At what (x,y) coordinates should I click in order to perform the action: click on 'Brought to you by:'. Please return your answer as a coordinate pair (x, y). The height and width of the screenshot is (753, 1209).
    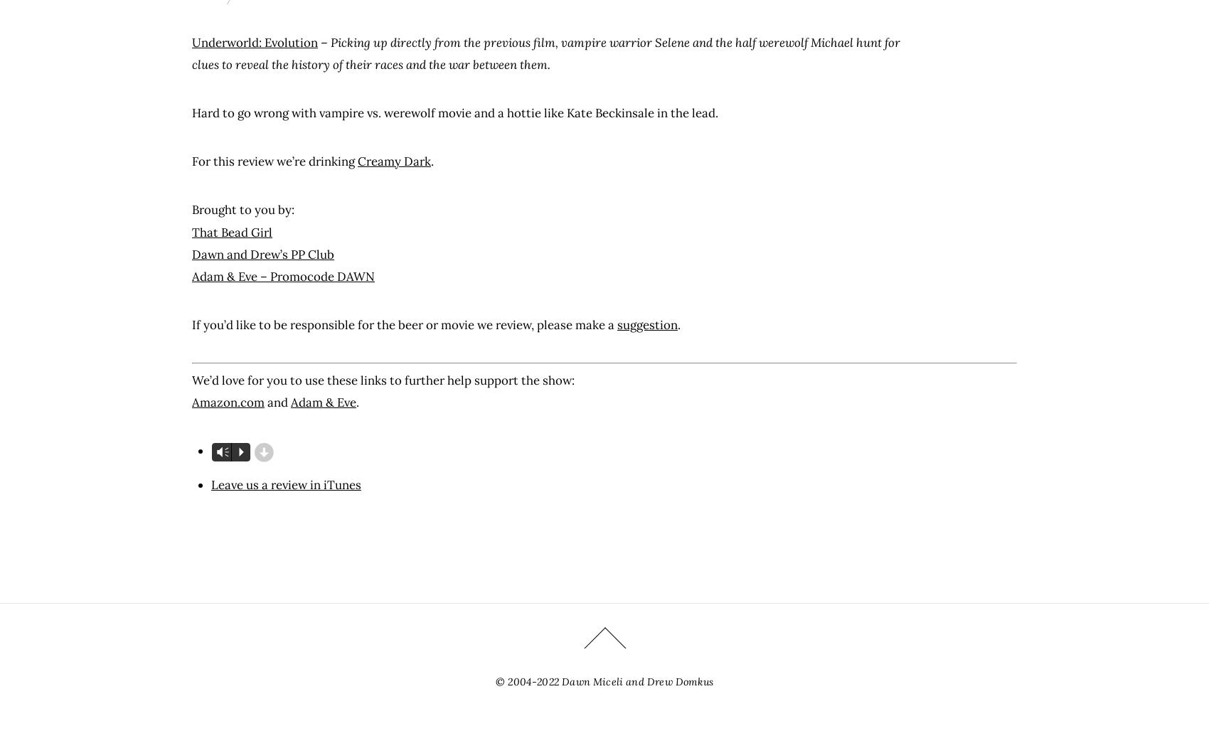
    Looking at the image, I should click on (243, 210).